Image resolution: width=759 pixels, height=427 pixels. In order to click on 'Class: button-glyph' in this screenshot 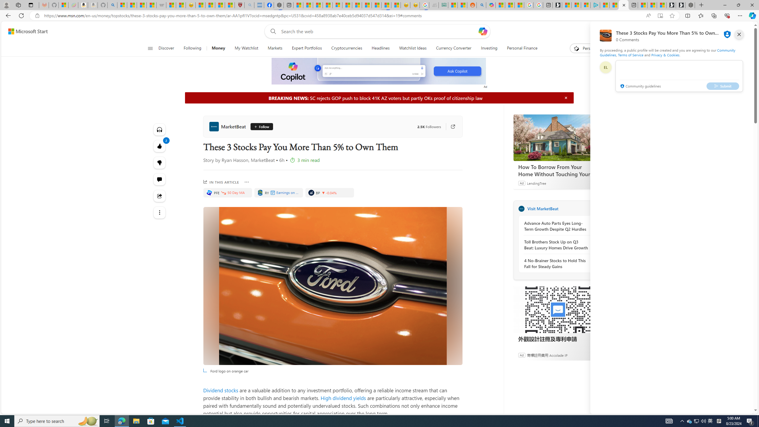, I will do `click(150, 48)`.